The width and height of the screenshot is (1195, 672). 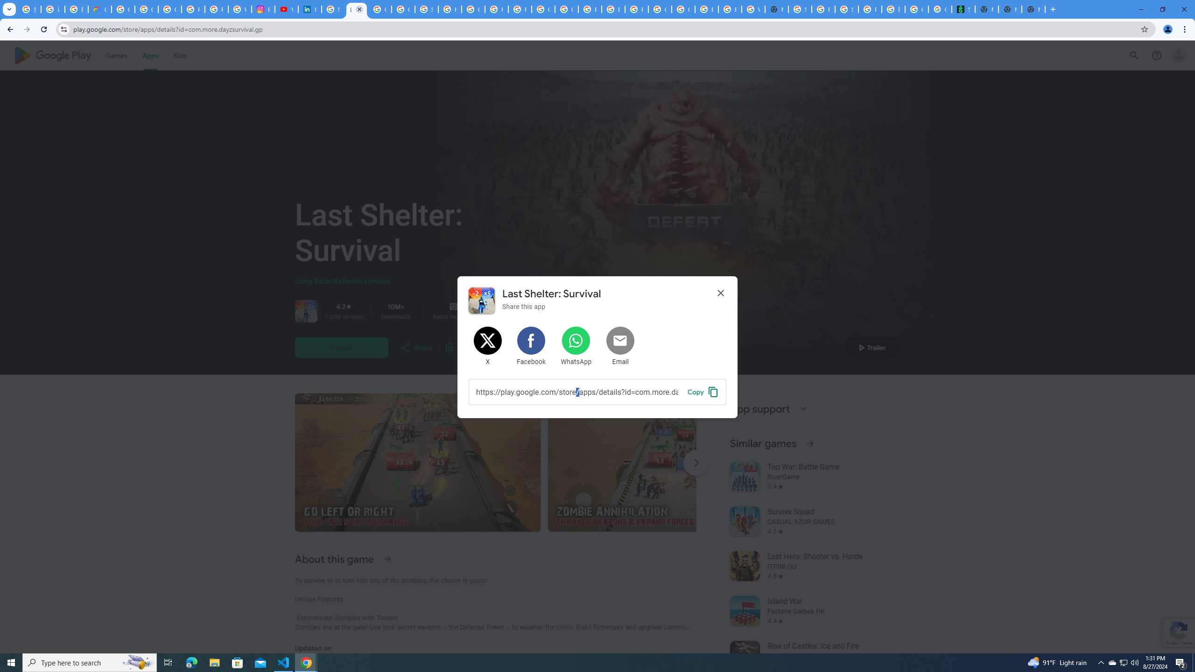 What do you see at coordinates (531, 346) in the screenshot?
I see `'Share on Facebook'` at bounding box center [531, 346].